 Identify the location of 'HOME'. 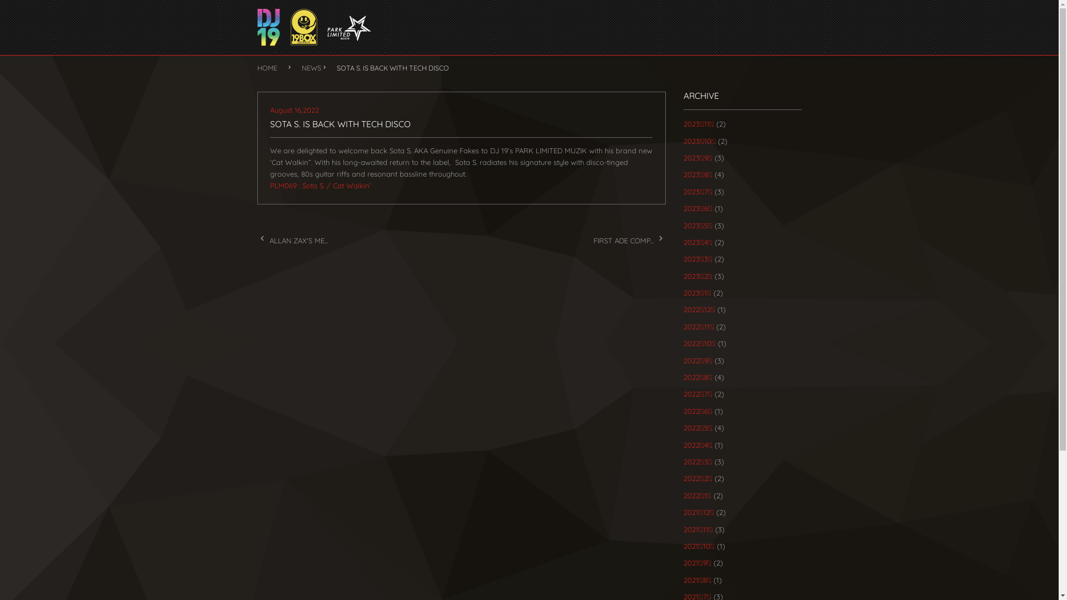
(256, 68).